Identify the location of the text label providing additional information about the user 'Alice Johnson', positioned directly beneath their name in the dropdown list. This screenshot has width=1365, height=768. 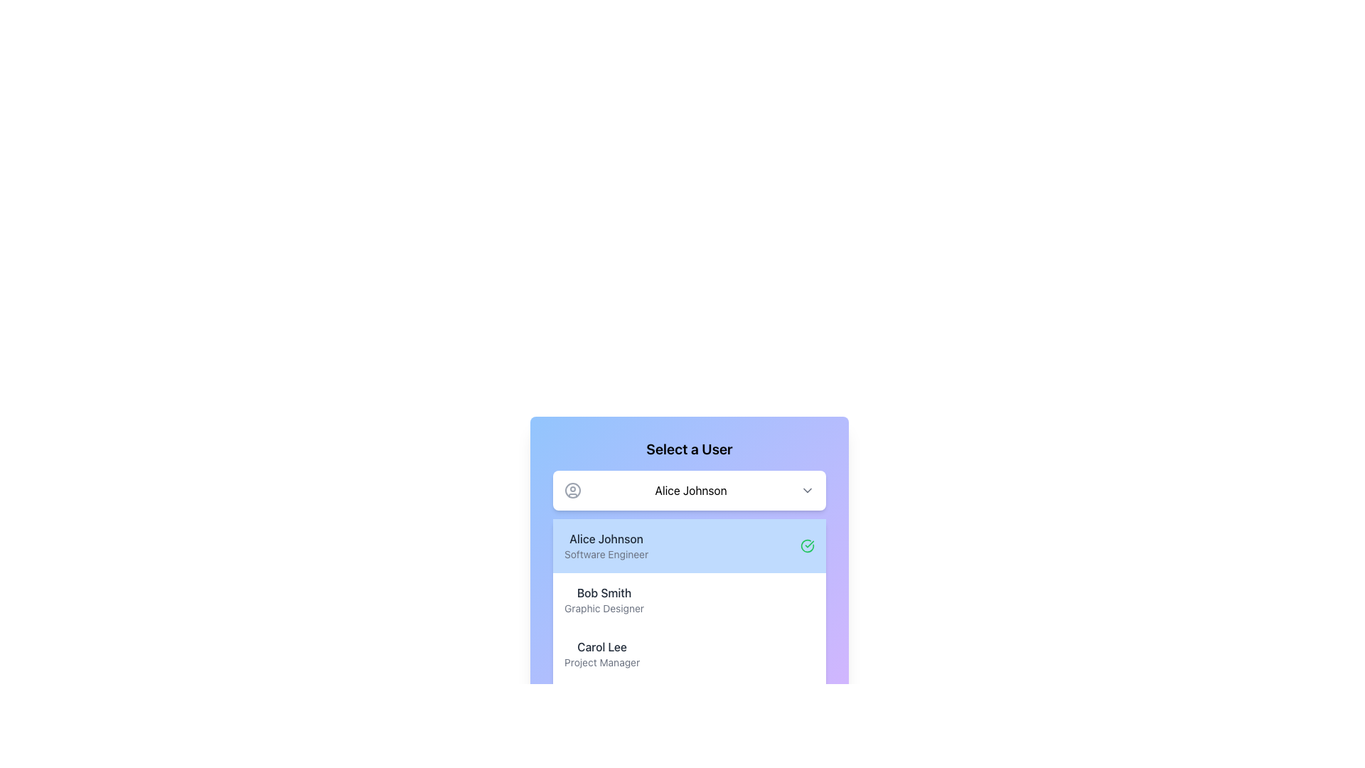
(606, 553).